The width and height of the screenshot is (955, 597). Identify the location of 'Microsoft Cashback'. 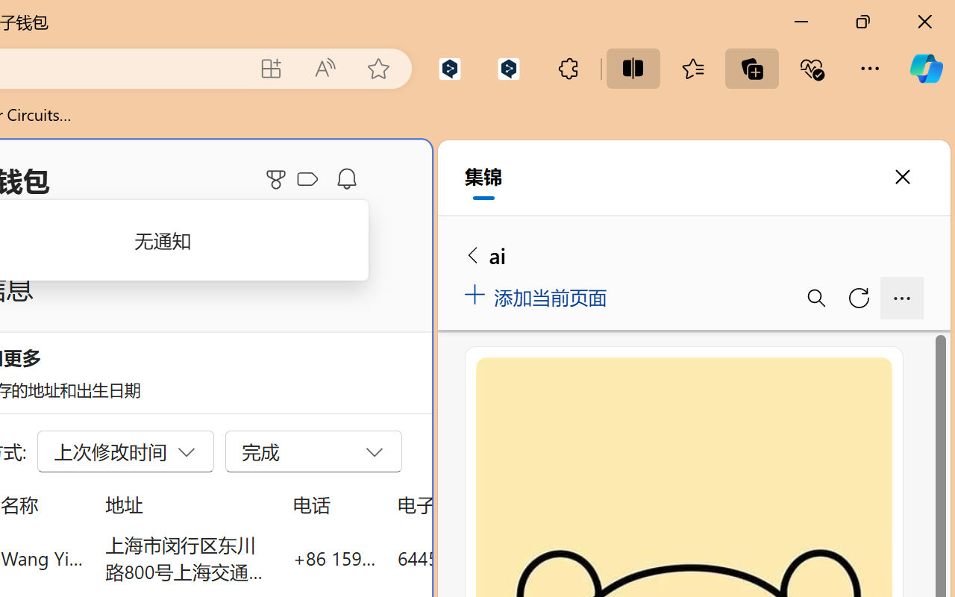
(310, 179).